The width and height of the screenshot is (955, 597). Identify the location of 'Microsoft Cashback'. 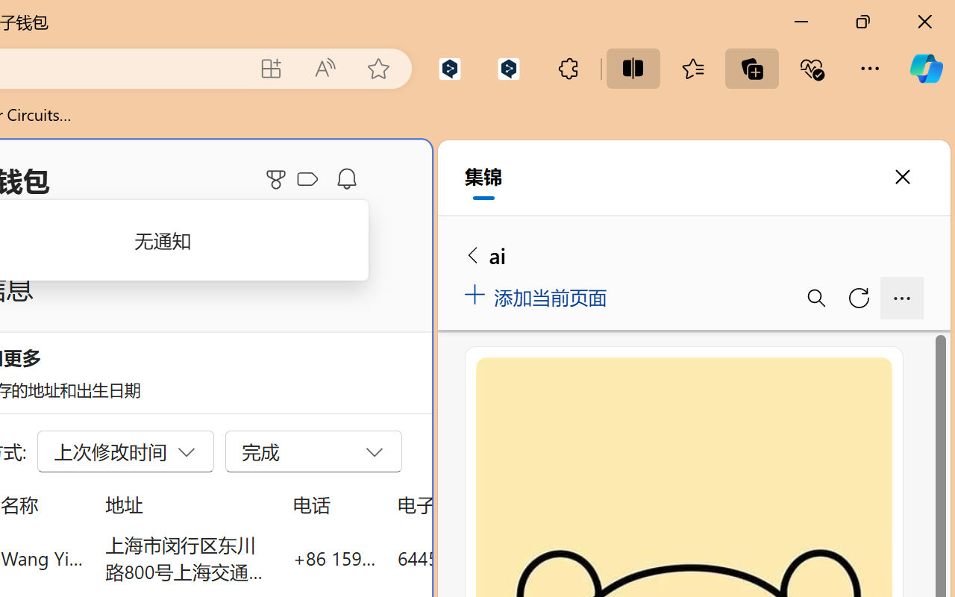
(310, 179).